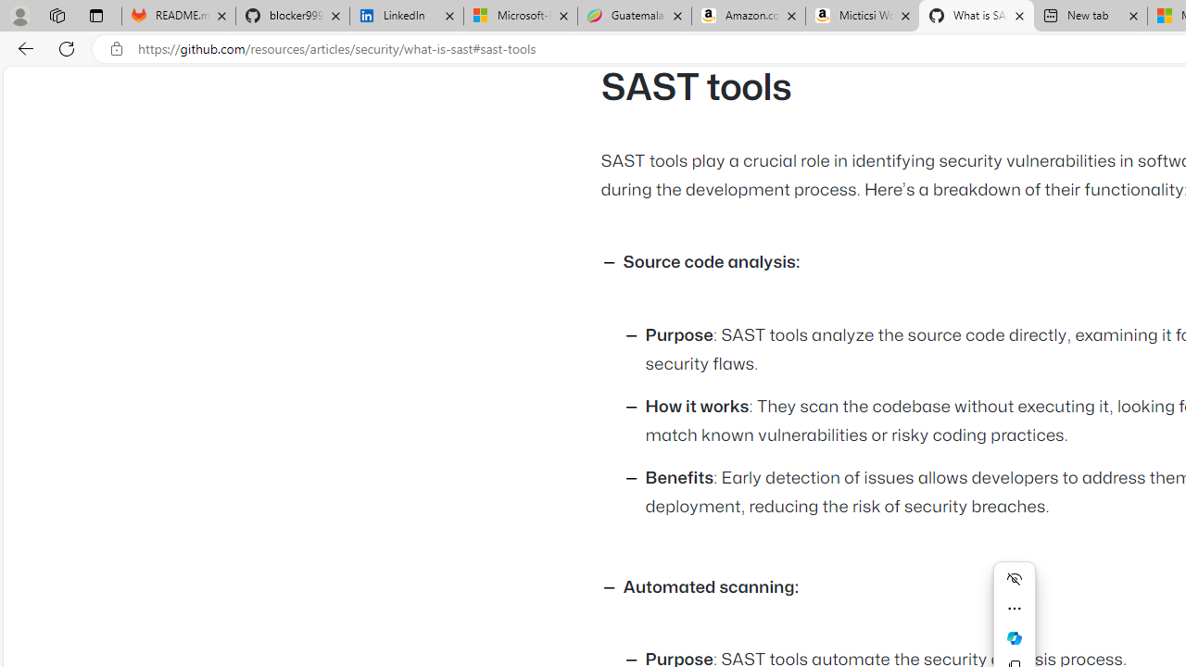 The width and height of the screenshot is (1186, 667). I want to click on 'More actions', so click(1014, 609).